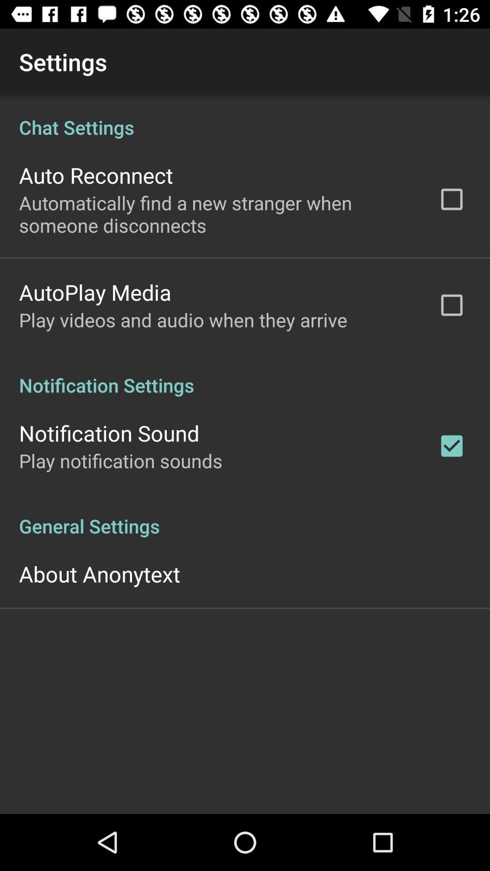 Image resolution: width=490 pixels, height=871 pixels. What do you see at coordinates (108, 432) in the screenshot?
I see `the notification sound` at bounding box center [108, 432].